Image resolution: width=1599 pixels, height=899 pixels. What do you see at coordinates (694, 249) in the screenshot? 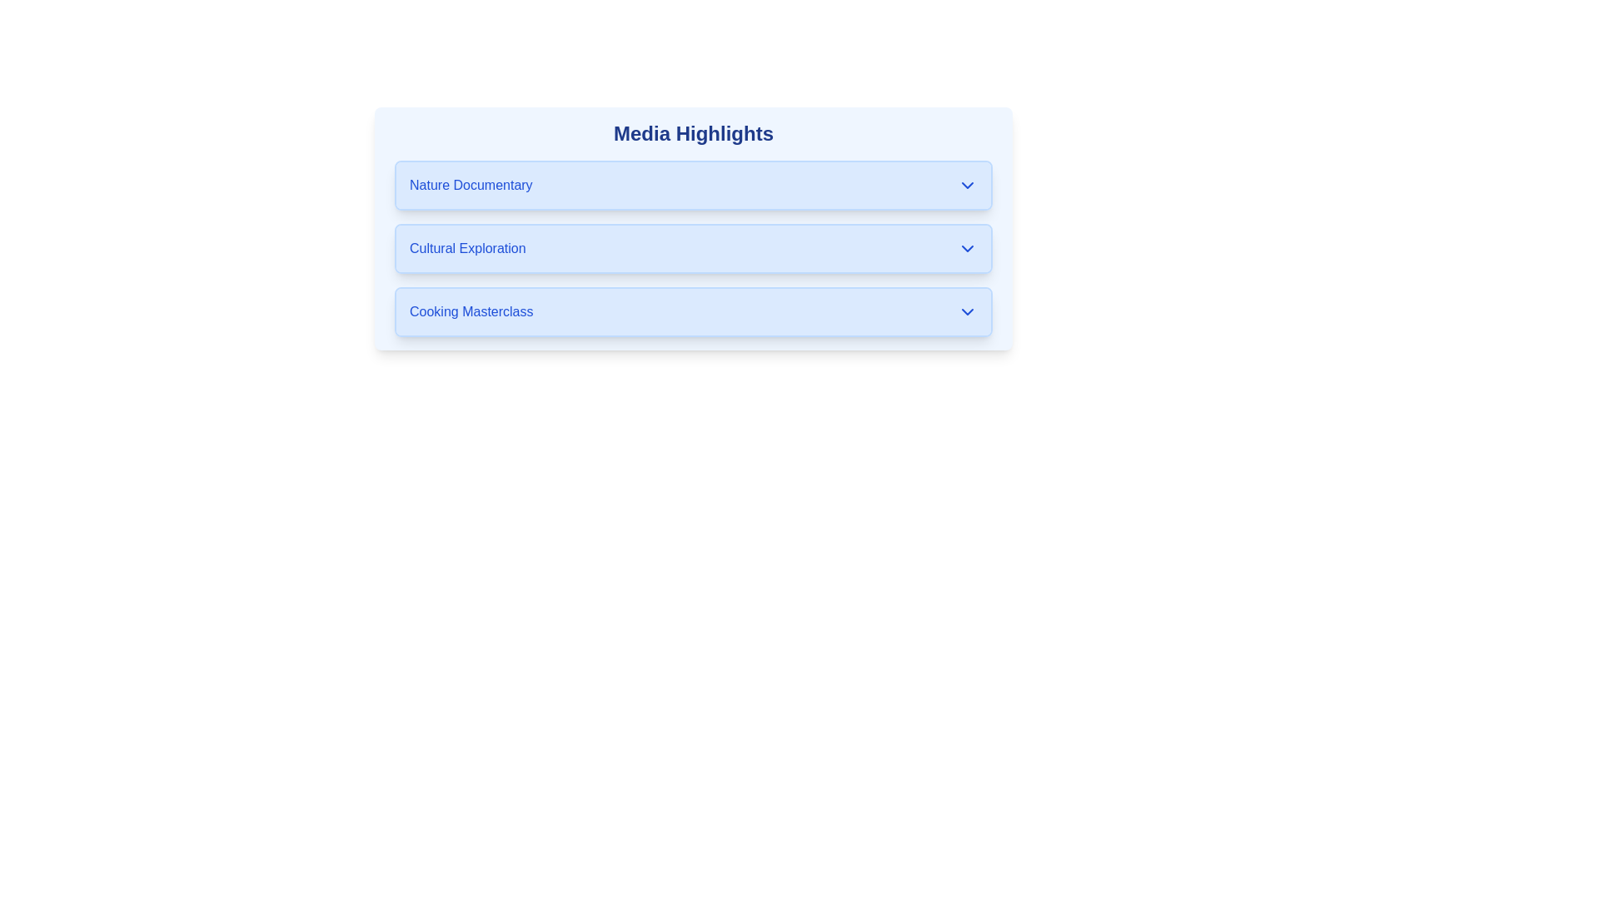
I see `the second button under 'Media Highlights' that expands or toggles content related to 'Cultural Exploration'` at bounding box center [694, 249].